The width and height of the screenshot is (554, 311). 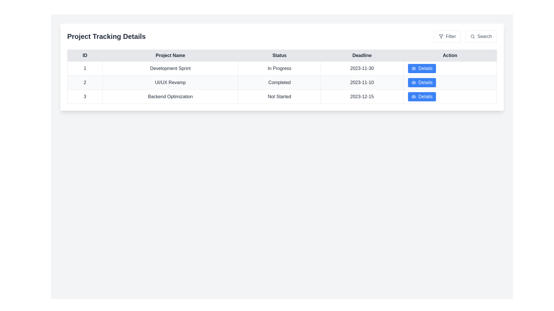 I want to click on the text display showing '2023-11-30' in the project tracking details table, which is located in the fourth column of the first row under the 'Deadline' header, so click(x=362, y=68).